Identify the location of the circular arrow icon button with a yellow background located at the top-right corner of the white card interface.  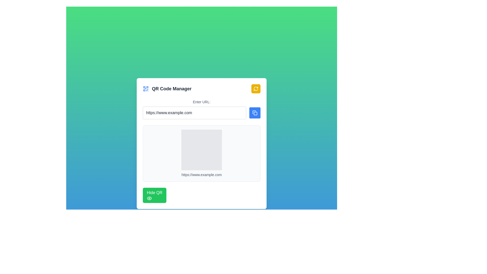
(256, 89).